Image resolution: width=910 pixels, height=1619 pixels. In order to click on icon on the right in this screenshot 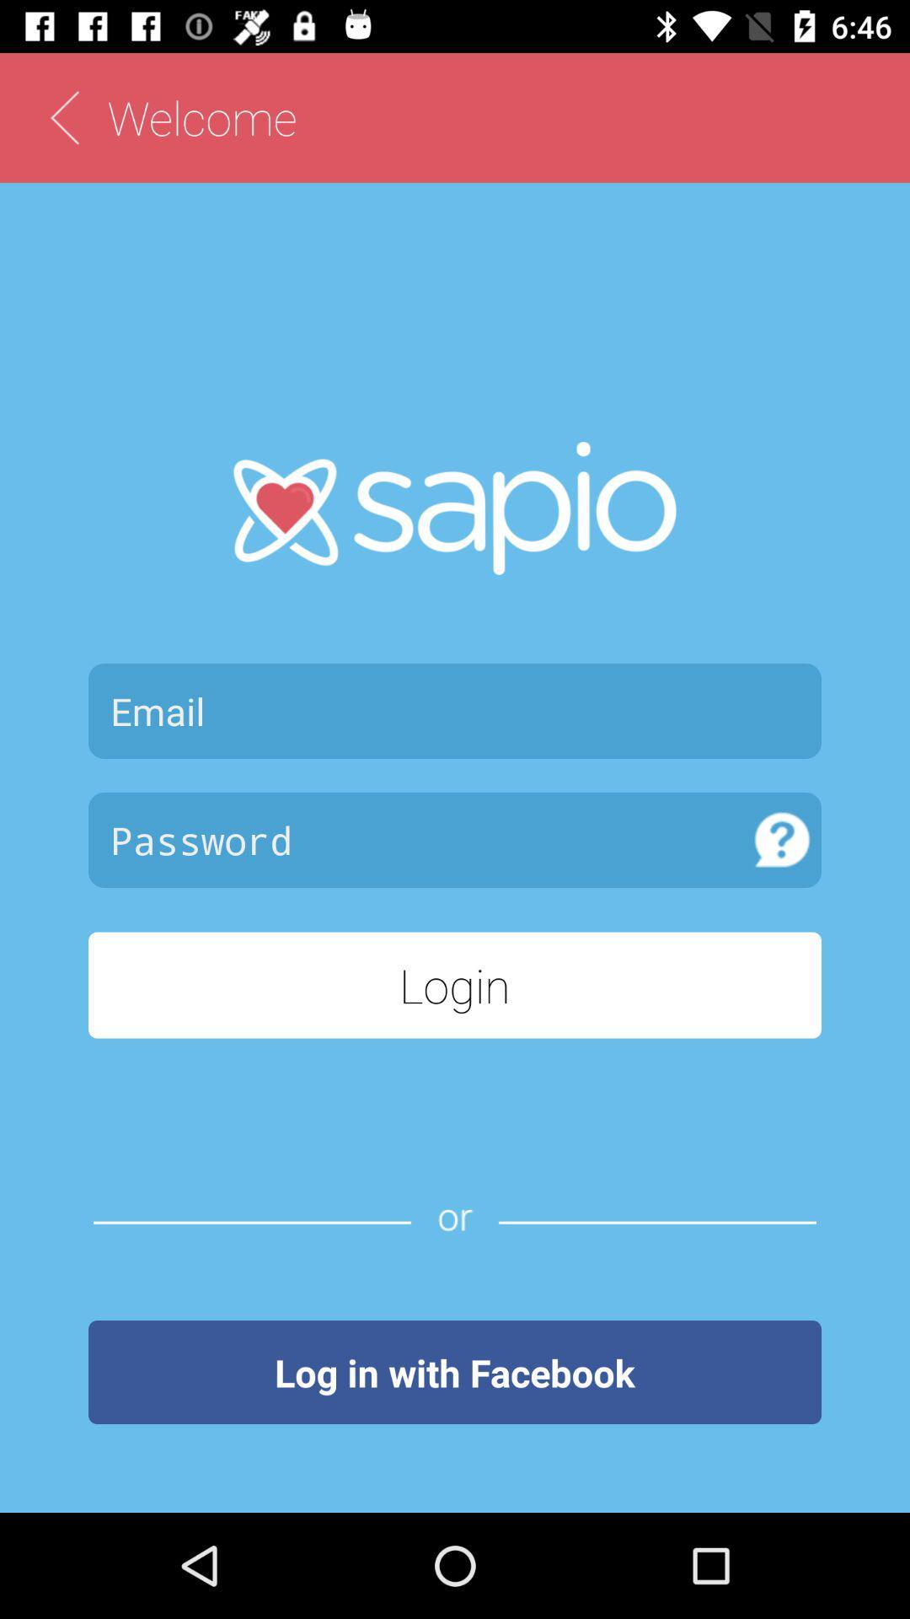, I will do `click(782, 839)`.